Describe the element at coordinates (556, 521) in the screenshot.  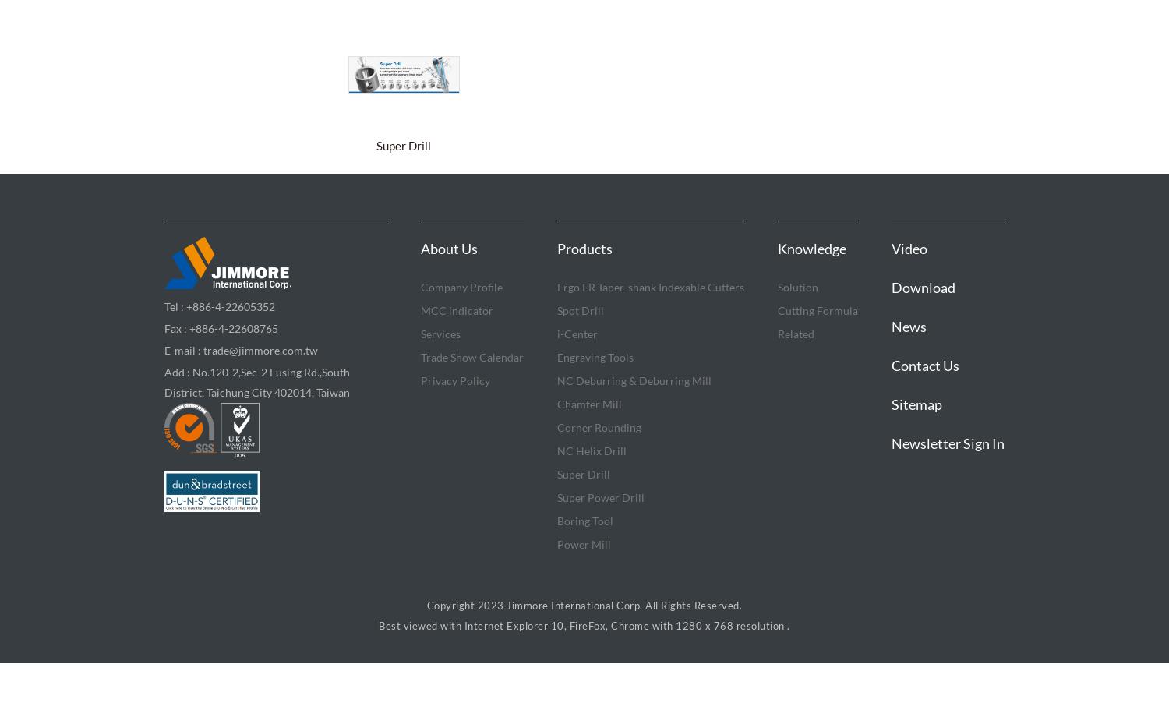
I see `'Boring Tool'` at that location.